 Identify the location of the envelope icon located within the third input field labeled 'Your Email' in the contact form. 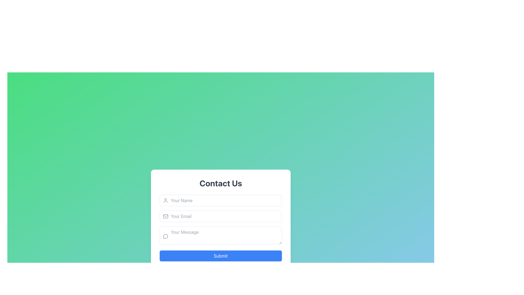
(165, 216).